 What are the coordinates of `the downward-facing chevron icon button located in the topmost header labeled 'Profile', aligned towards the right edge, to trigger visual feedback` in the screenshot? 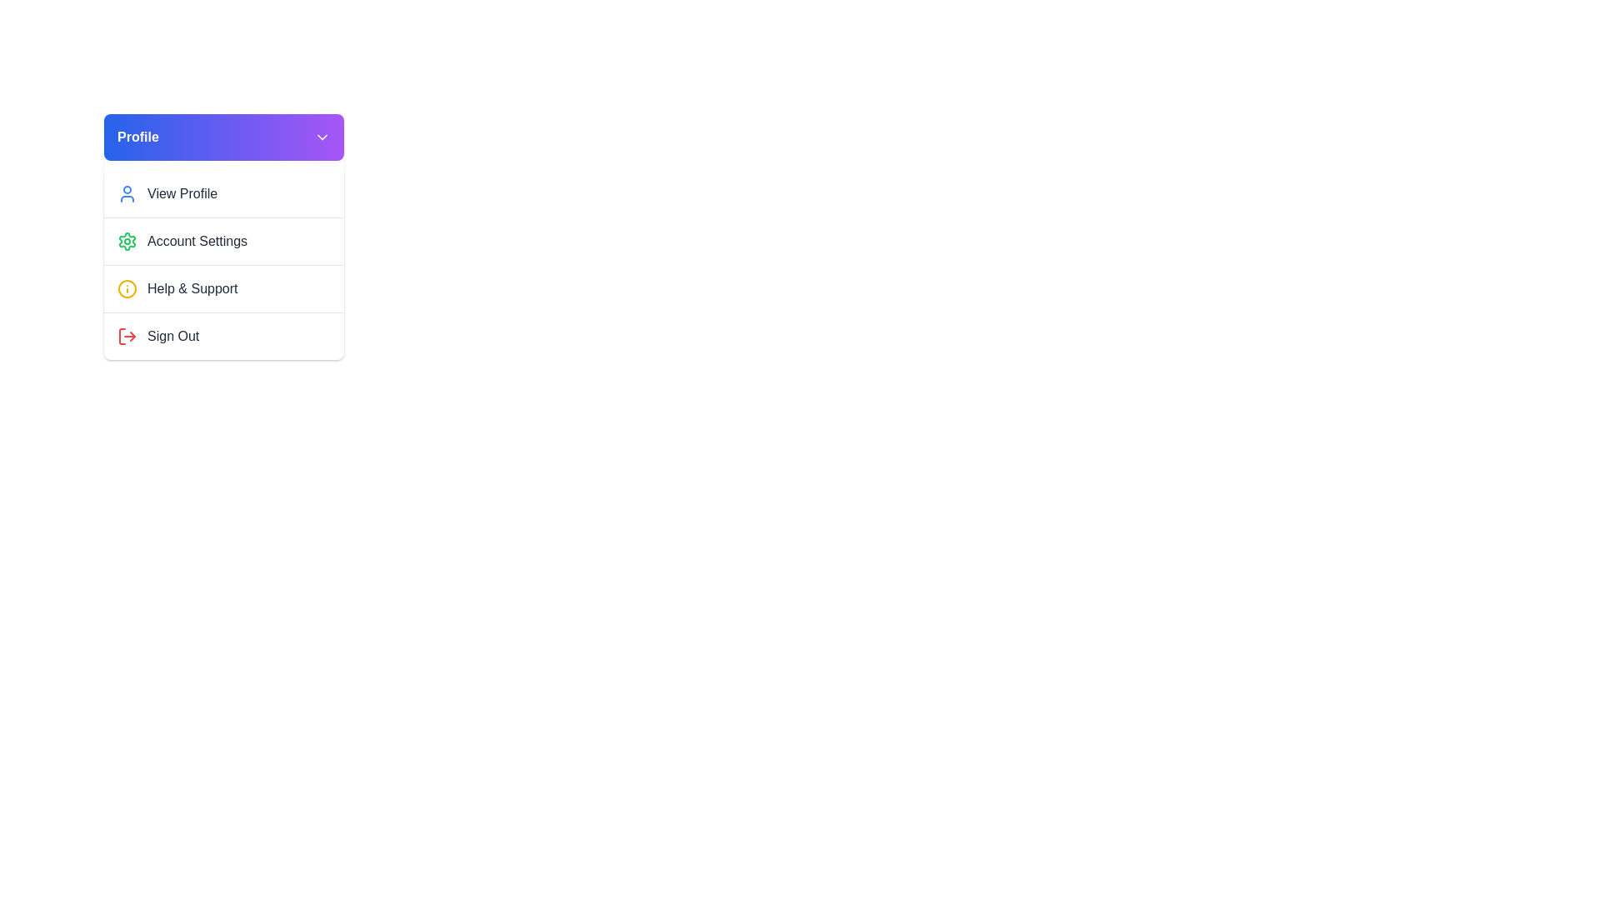 It's located at (322, 137).